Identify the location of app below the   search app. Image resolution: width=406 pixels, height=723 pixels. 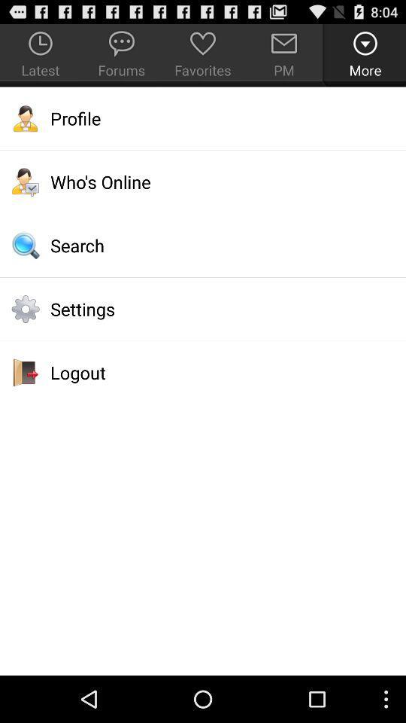
(203, 308).